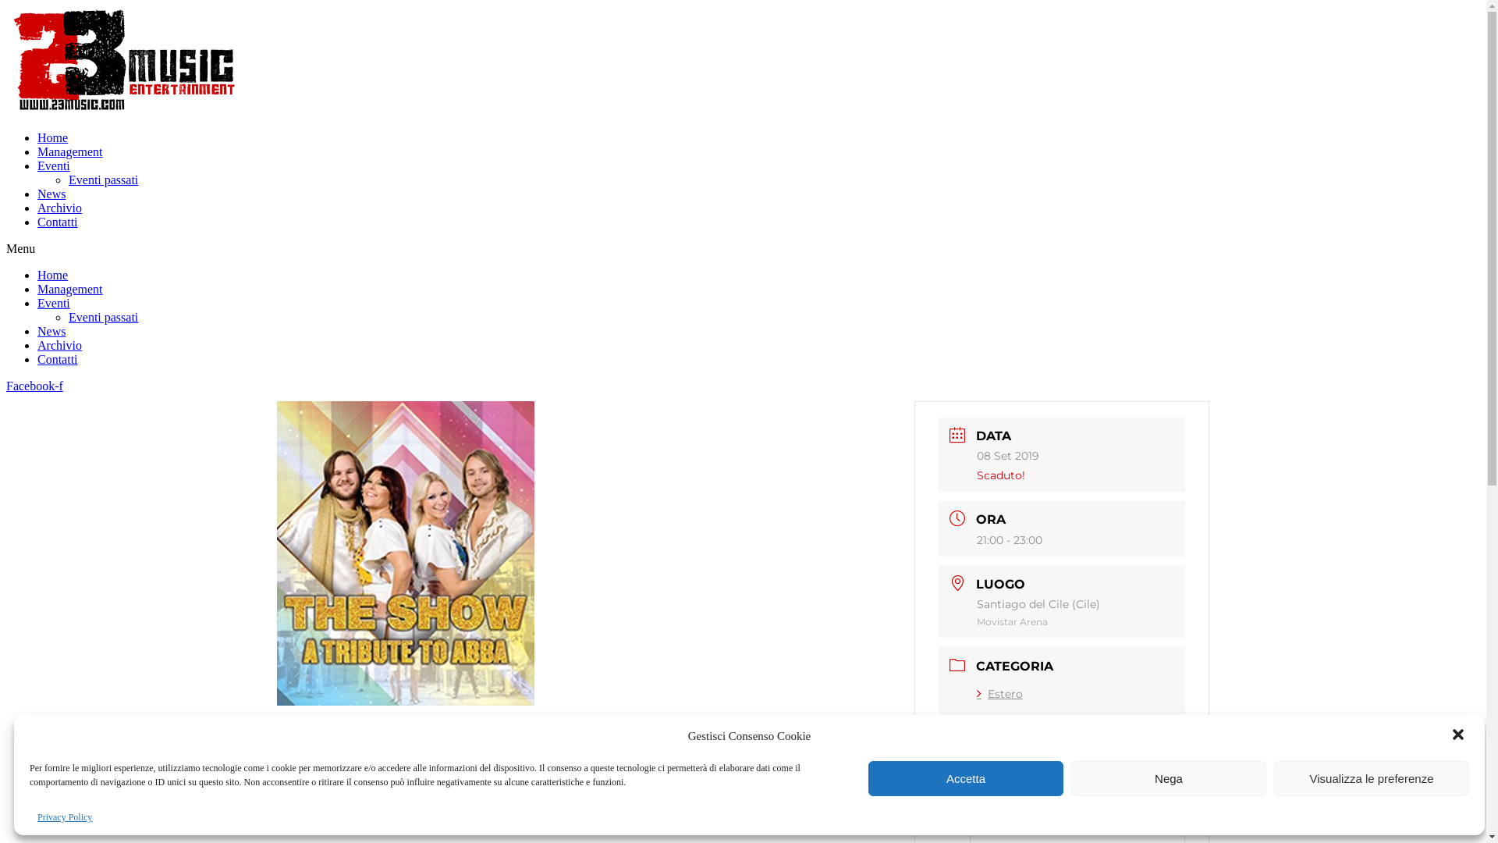  Describe the element at coordinates (63, 816) in the screenshot. I see `'Privacy Policy'` at that location.